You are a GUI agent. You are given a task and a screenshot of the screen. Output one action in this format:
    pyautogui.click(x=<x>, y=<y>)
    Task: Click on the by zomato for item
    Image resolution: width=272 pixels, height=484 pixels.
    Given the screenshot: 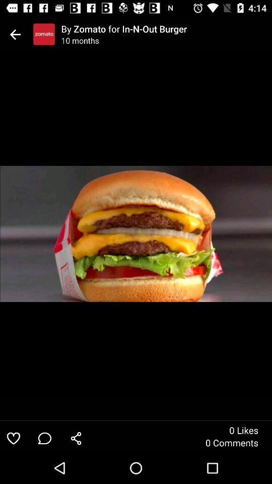 What is the action you would take?
    pyautogui.click(x=166, y=28)
    